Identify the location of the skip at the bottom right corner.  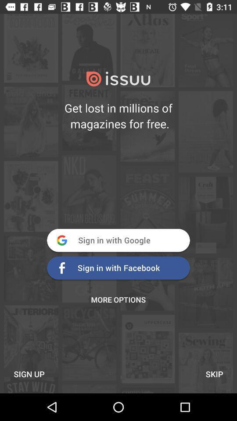
(214, 374).